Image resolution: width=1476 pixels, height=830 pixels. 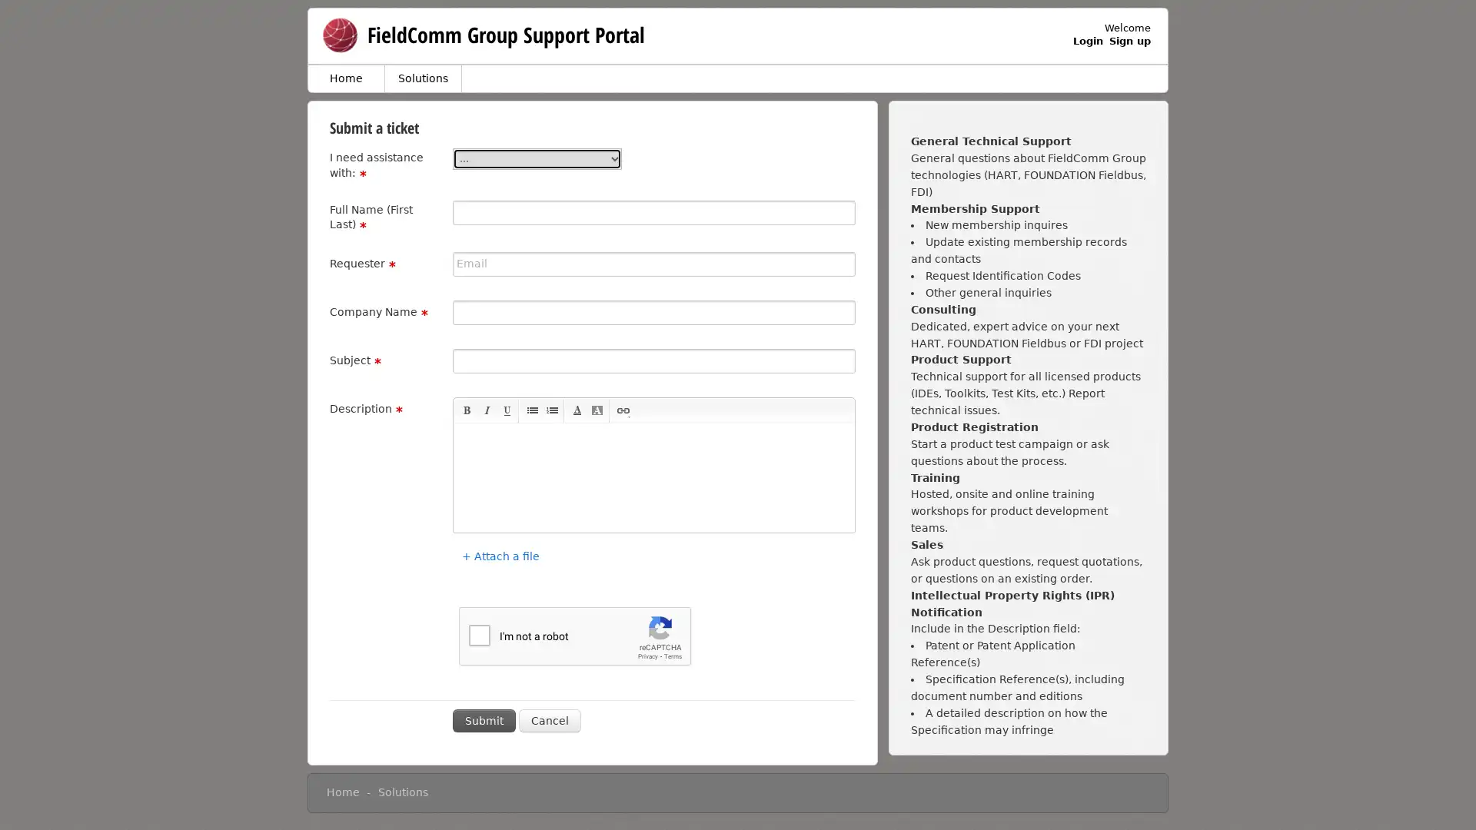 What do you see at coordinates (483, 720) in the screenshot?
I see `Submit` at bounding box center [483, 720].